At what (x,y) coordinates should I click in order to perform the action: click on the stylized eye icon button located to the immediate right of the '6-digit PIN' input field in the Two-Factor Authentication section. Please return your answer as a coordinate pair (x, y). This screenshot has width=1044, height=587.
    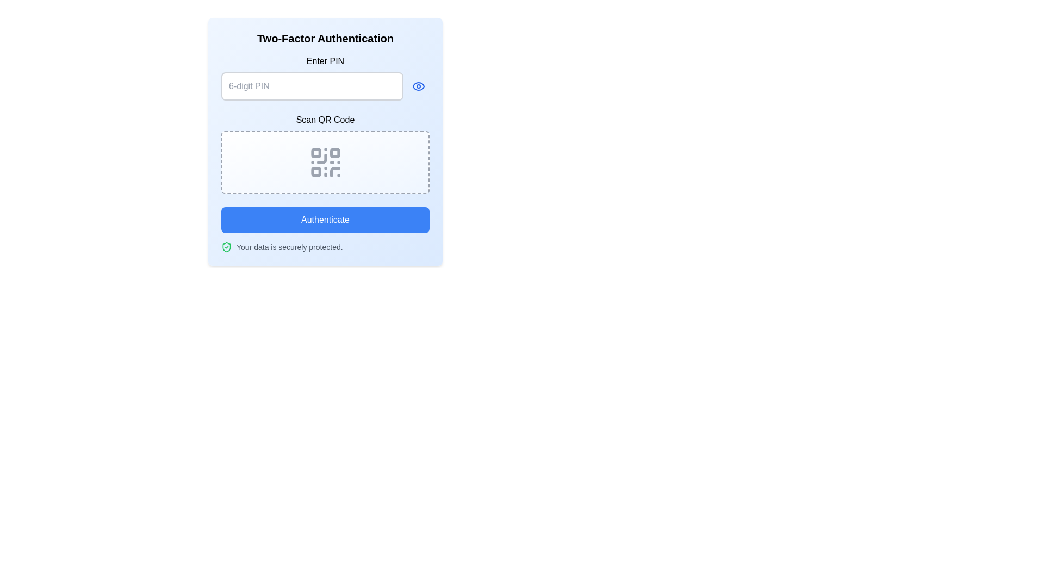
    Looking at the image, I should click on (418, 85).